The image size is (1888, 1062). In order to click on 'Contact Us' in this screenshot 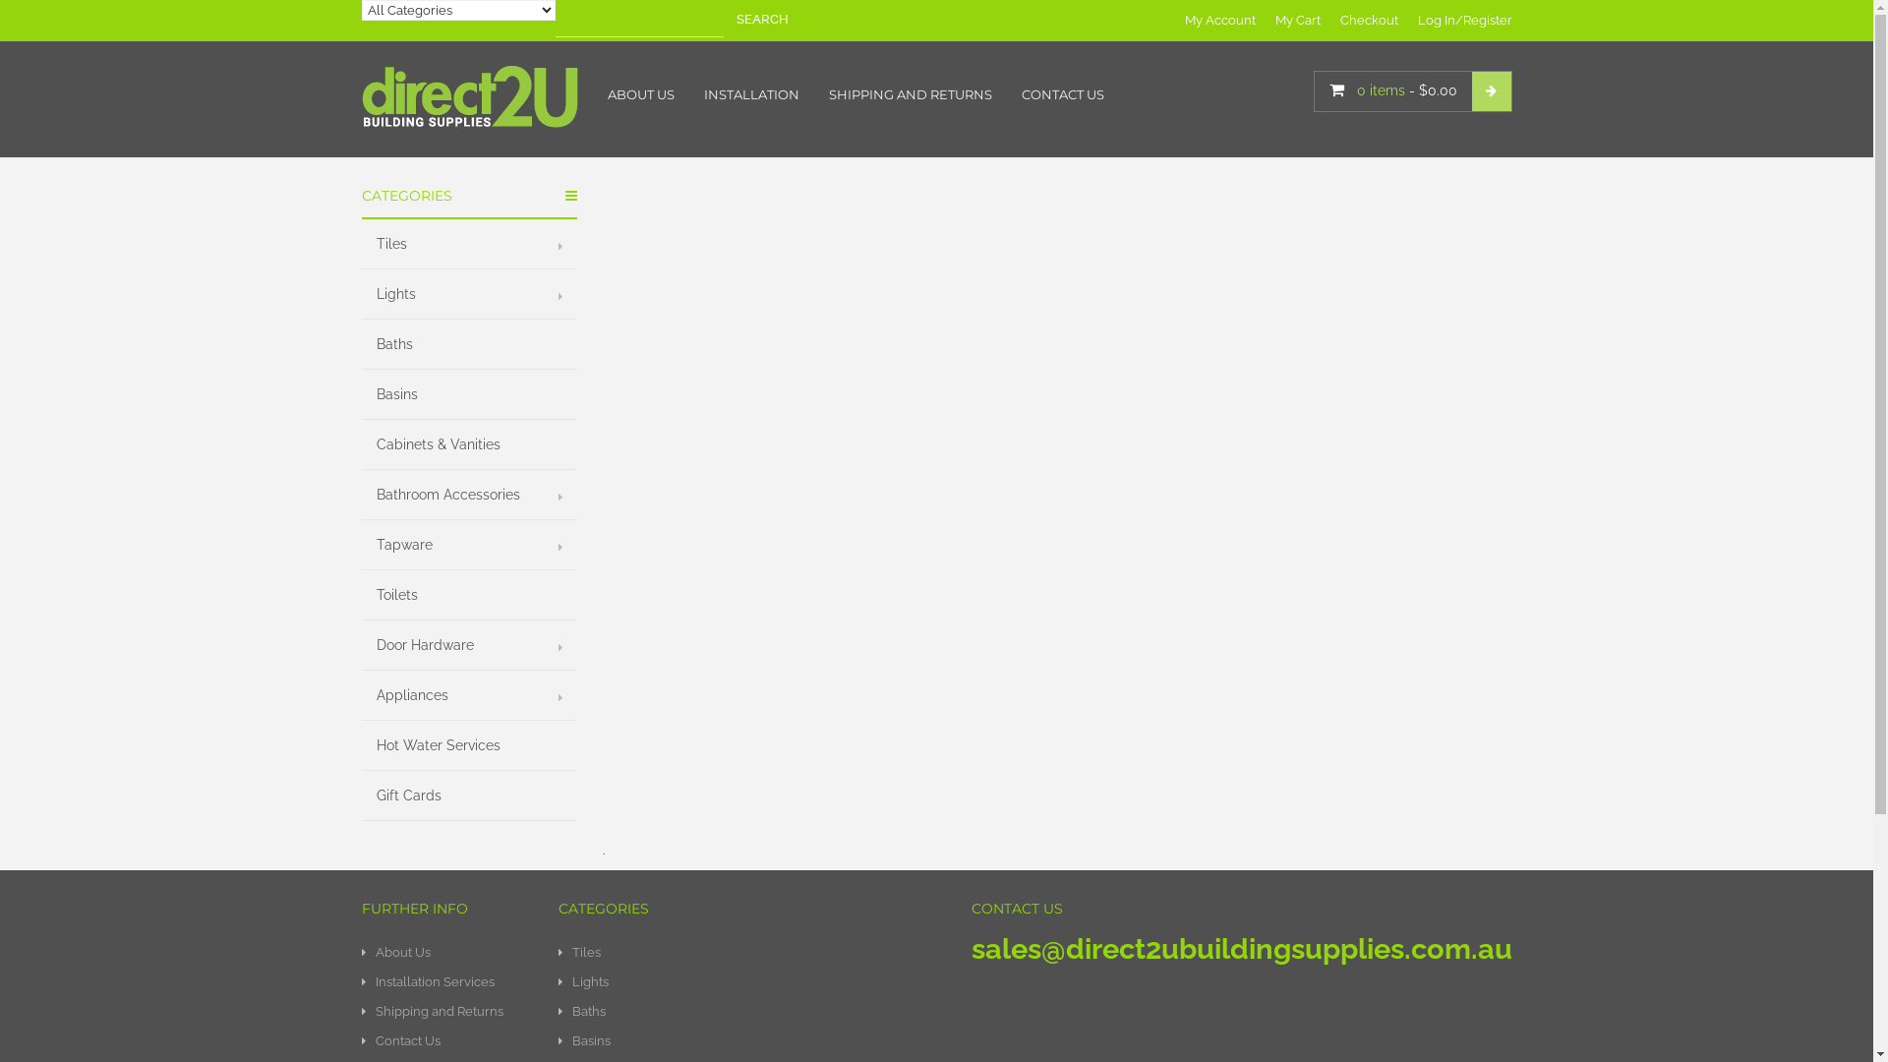, I will do `click(443, 1040)`.